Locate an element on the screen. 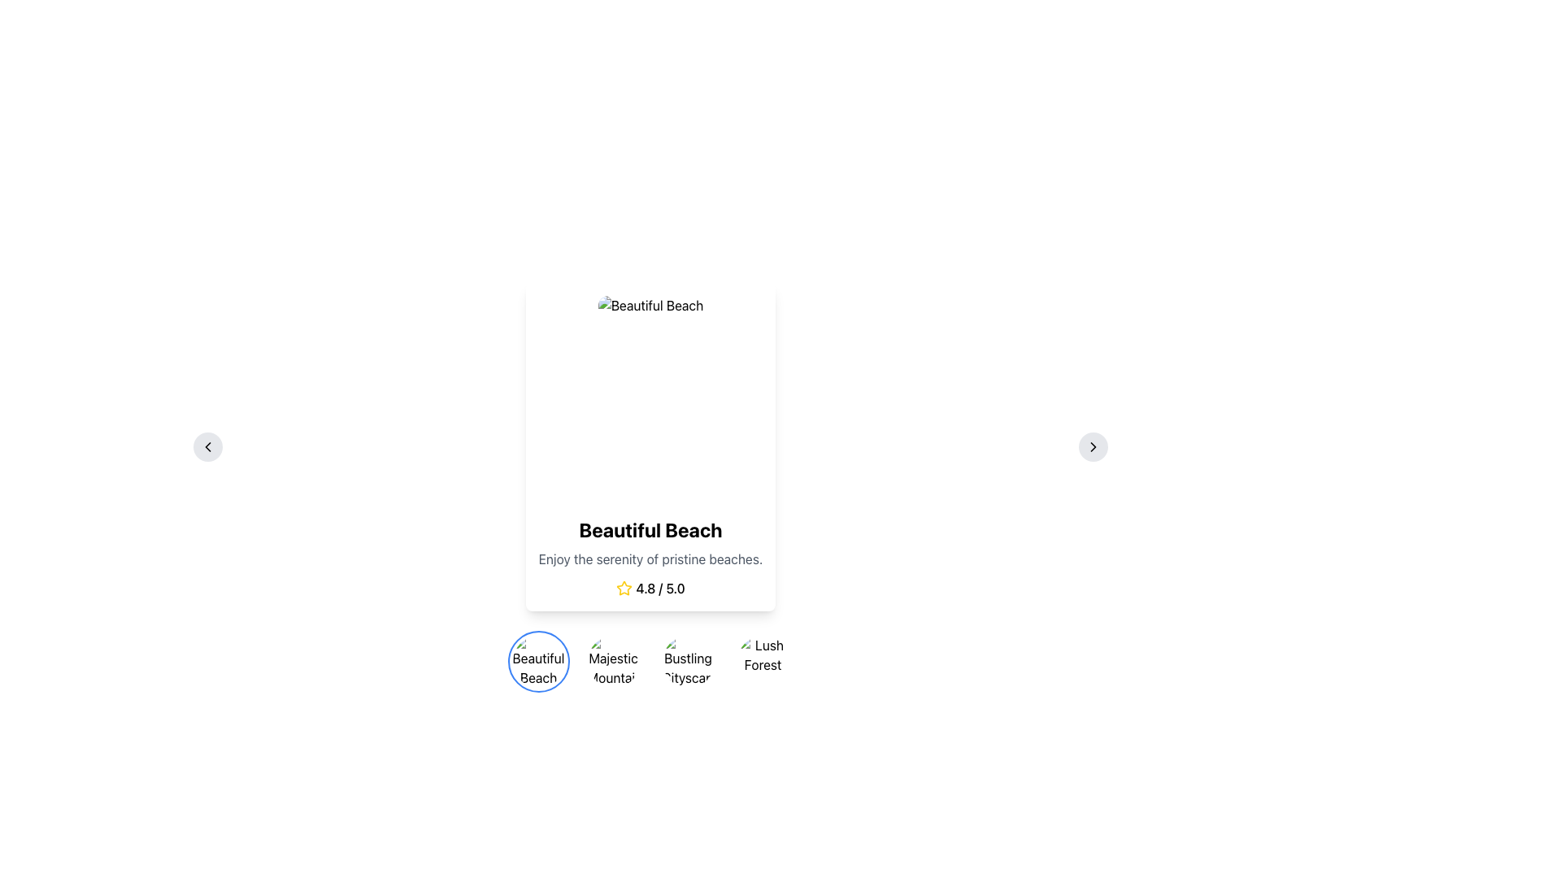 This screenshot has height=878, width=1561. the first button labeled 'Beautiful Beach' is located at coordinates (538, 661).